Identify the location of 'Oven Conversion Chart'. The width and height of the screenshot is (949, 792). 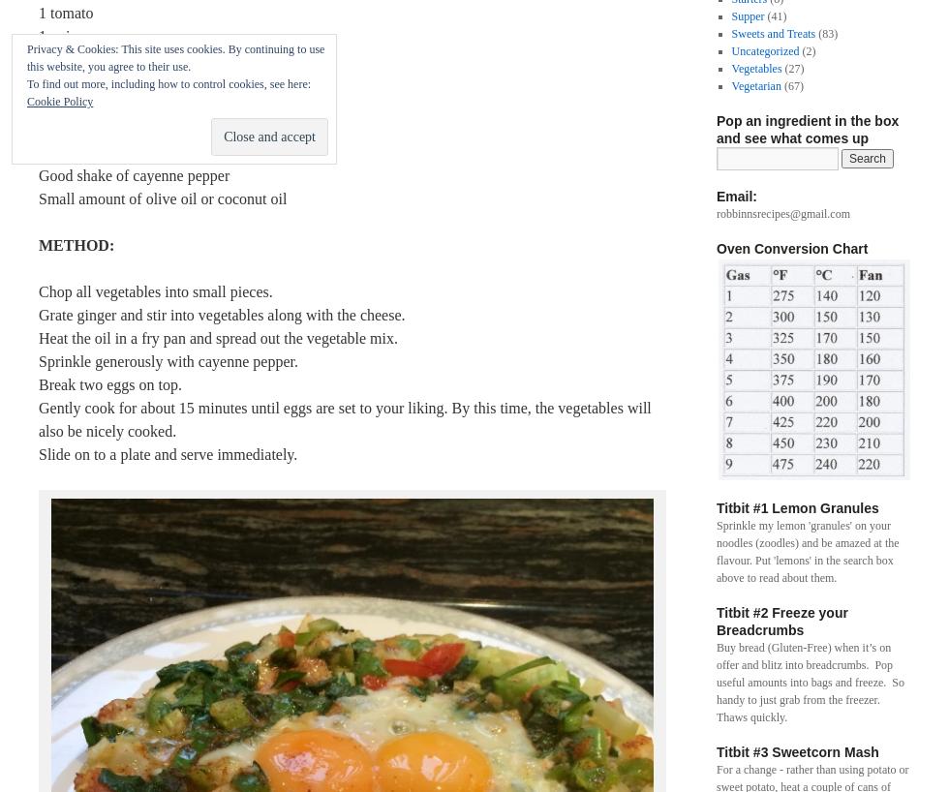
(792, 249).